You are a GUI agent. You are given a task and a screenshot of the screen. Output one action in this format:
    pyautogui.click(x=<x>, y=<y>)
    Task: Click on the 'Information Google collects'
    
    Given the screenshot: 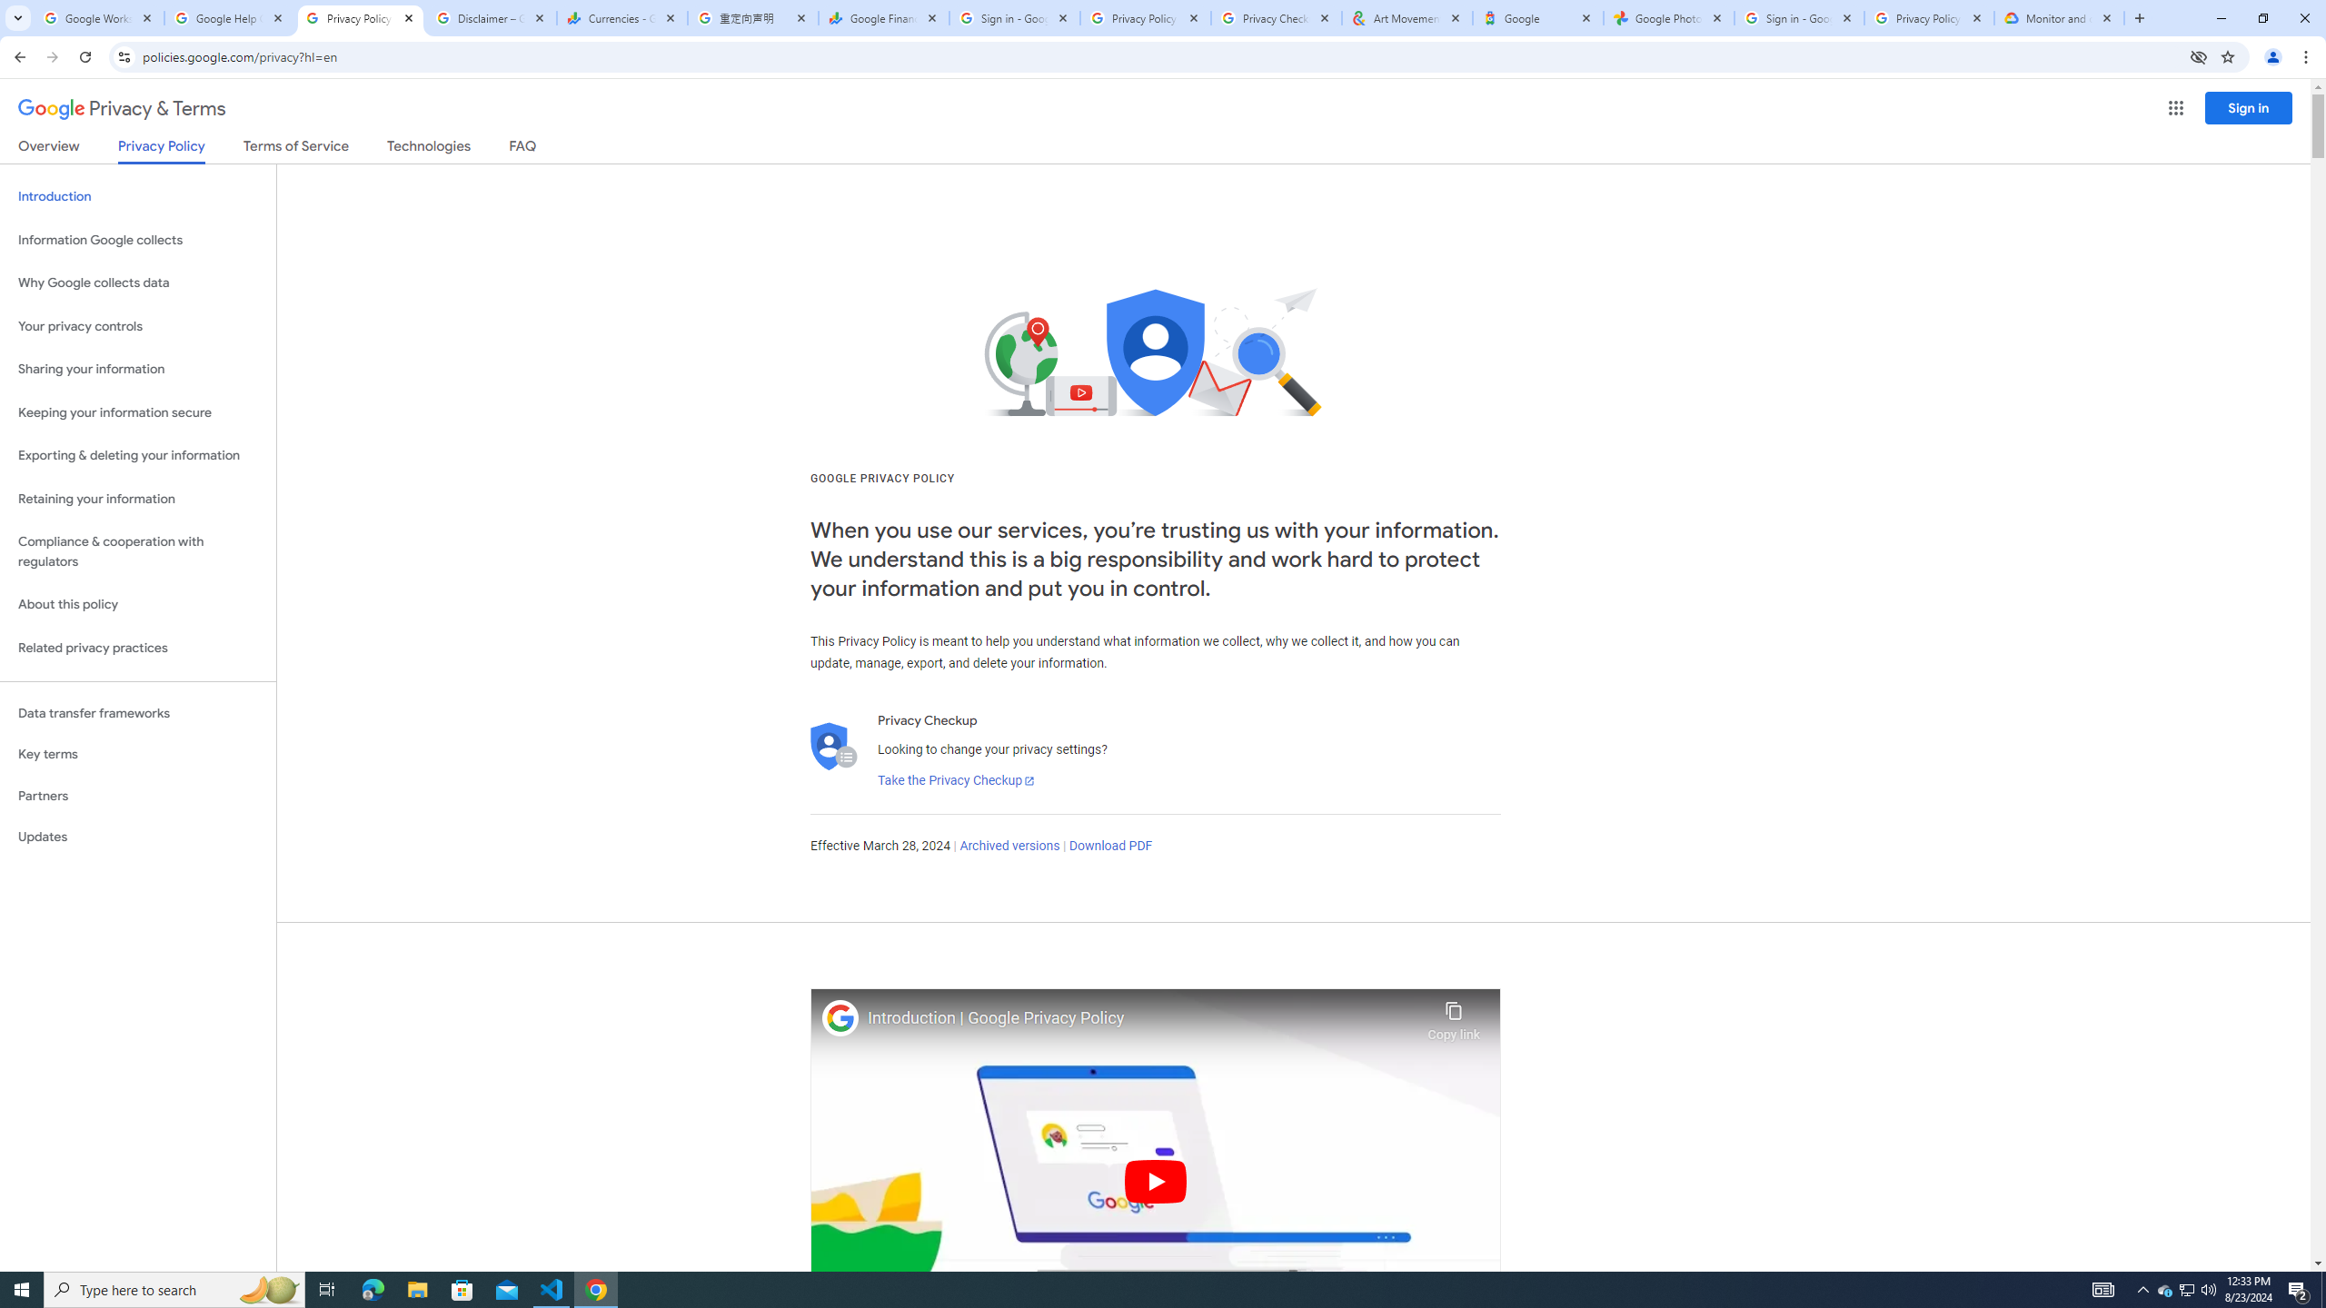 What is the action you would take?
    pyautogui.click(x=137, y=240)
    